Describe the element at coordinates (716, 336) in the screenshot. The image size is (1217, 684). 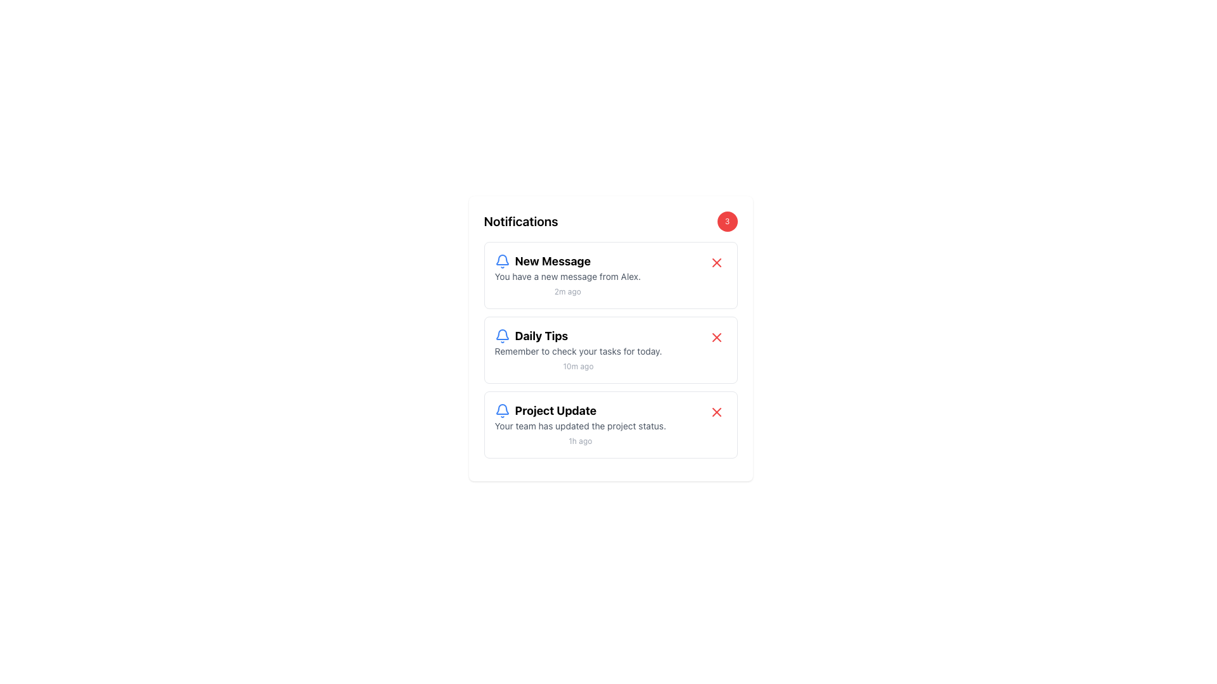
I see `the dismiss button of the 'Daily Tips' notification, which is located in the rightmost part of the notification item` at that location.